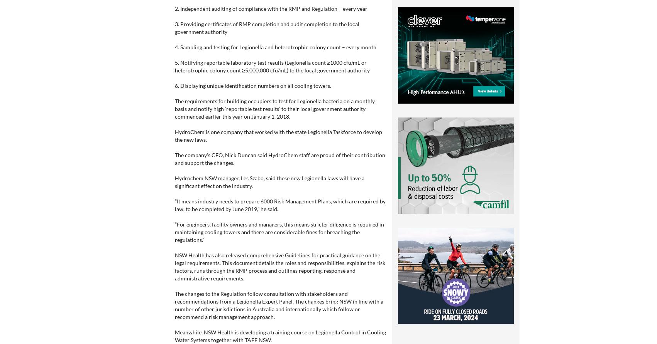  Describe the element at coordinates (275, 47) in the screenshot. I see `'4. Sampling and testing for Legionella and heterotrophic colony count – every month'` at that location.